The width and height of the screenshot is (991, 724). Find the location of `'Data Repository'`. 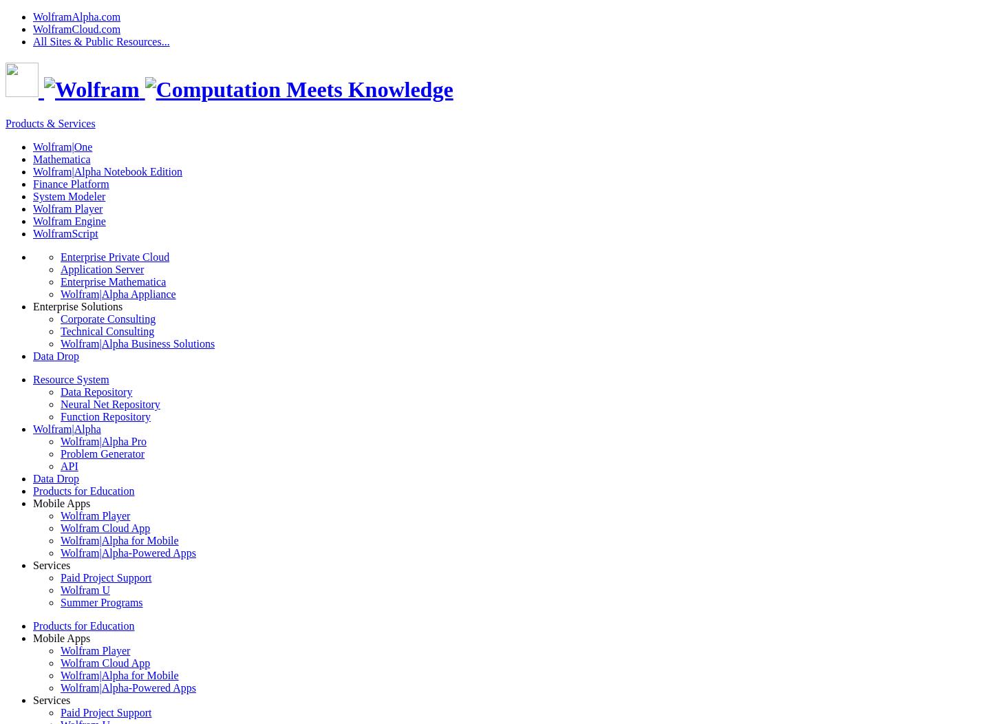

'Data Repository' is located at coordinates (95, 391).